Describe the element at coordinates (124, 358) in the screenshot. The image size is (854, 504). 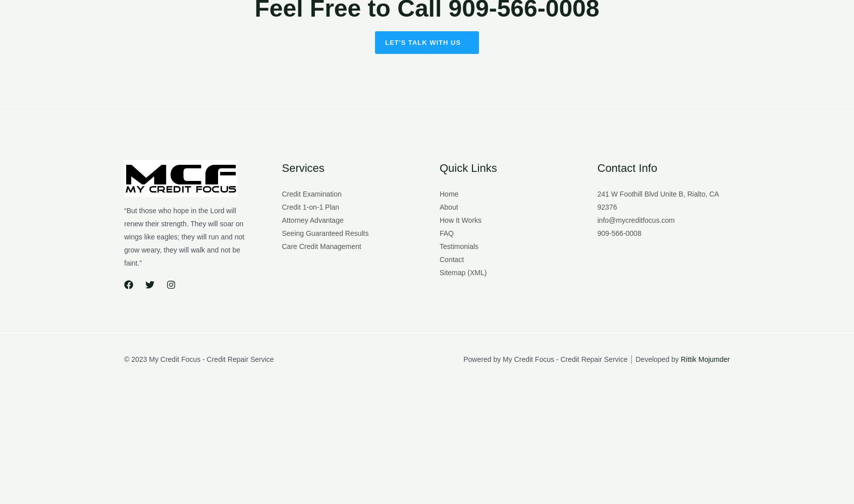
I see `'© 2023 My Credit Focus - Credit Repair Service'` at that location.